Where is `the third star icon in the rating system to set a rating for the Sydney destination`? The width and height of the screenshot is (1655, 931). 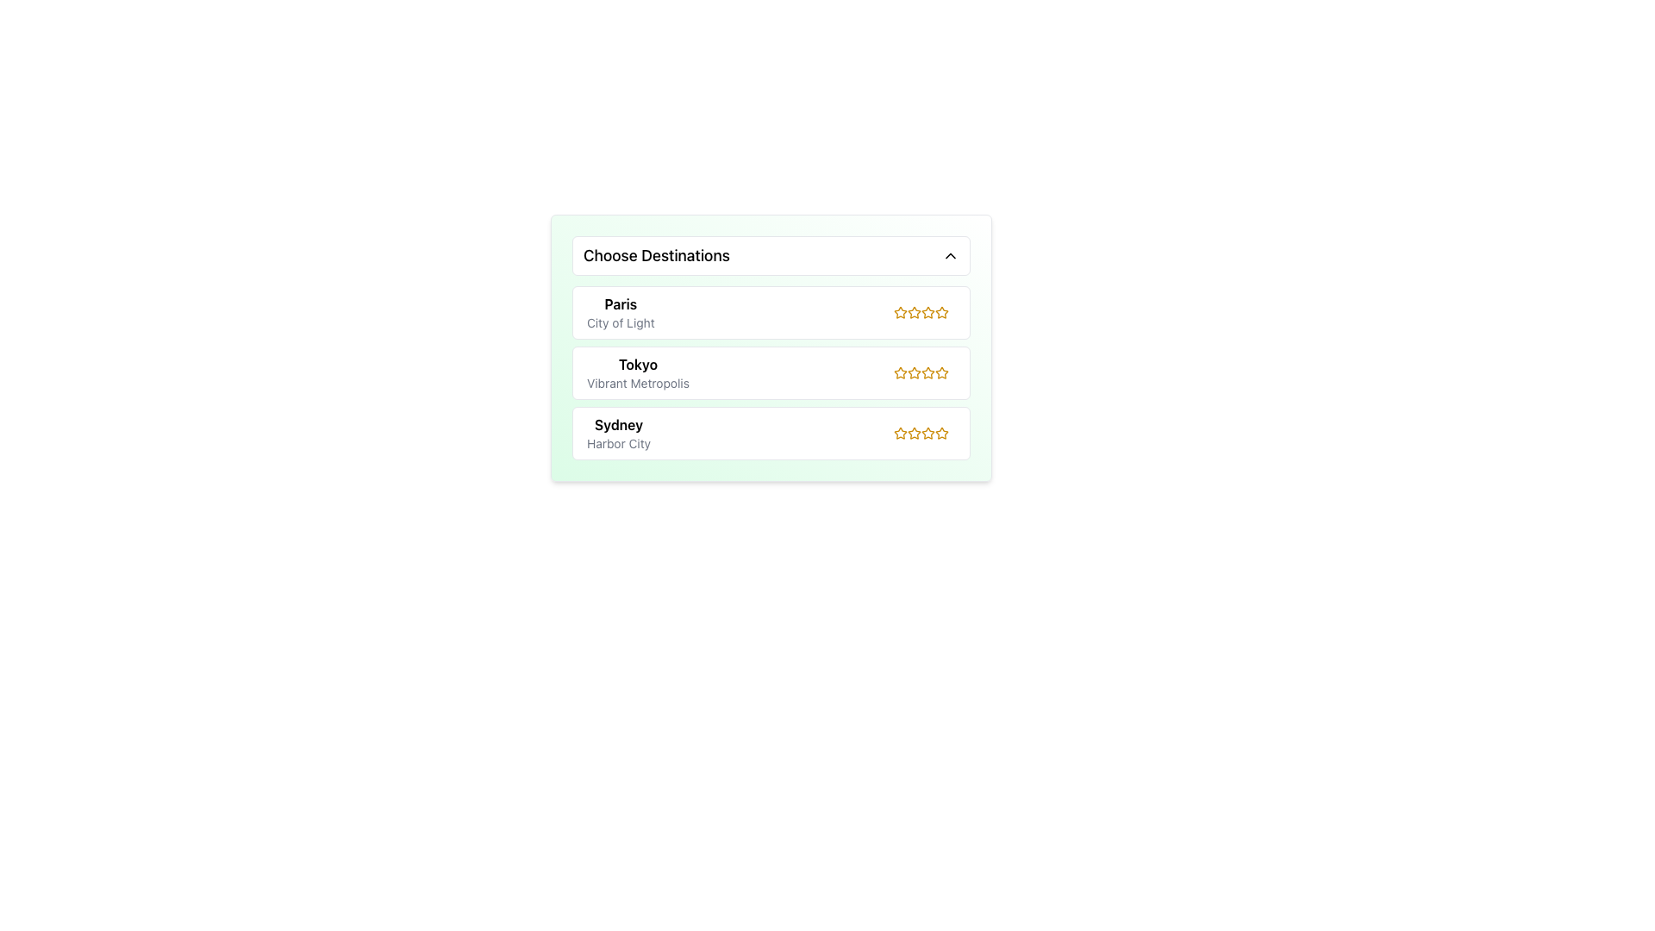 the third star icon in the rating system to set a rating for the Sydney destination is located at coordinates (913, 432).